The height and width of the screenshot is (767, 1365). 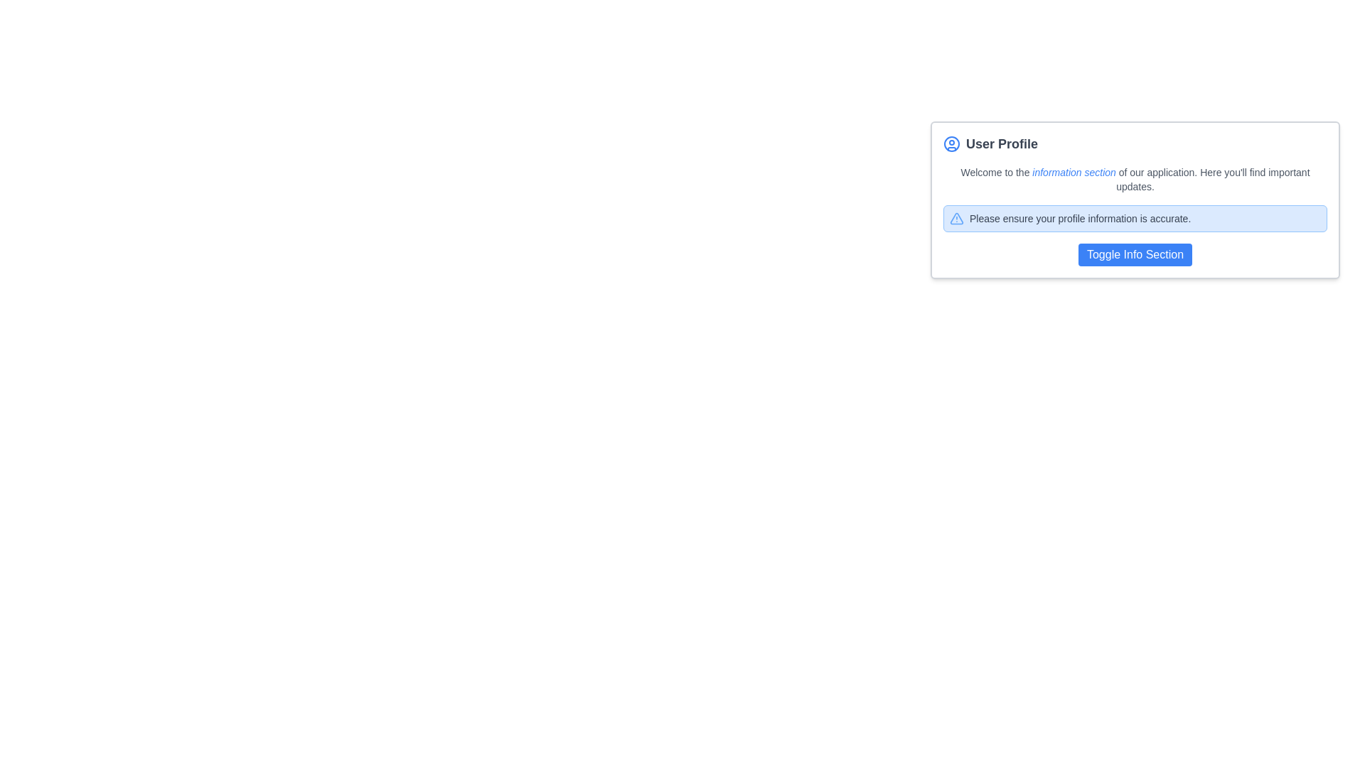 What do you see at coordinates (952, 144) in the screenshot?
I see `the decorative SVG Icon that indicates the 'user profile' section, located as the leftmost component in the 'User Profile' group at the upper section of the card-like panel` at bounding box center [952, 144].